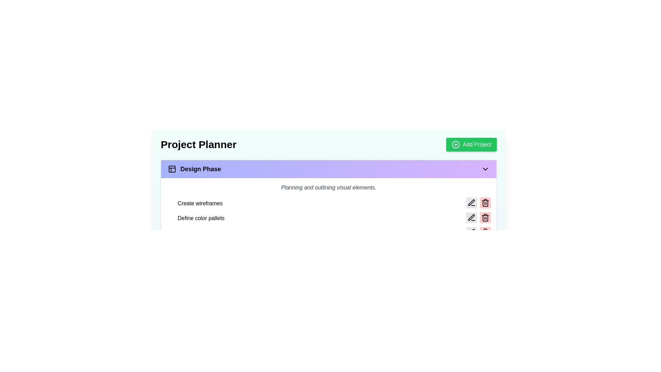 This screenshot has height=372, width=661. I want to click on the delete button with a trash can icon, so click(485, 232).